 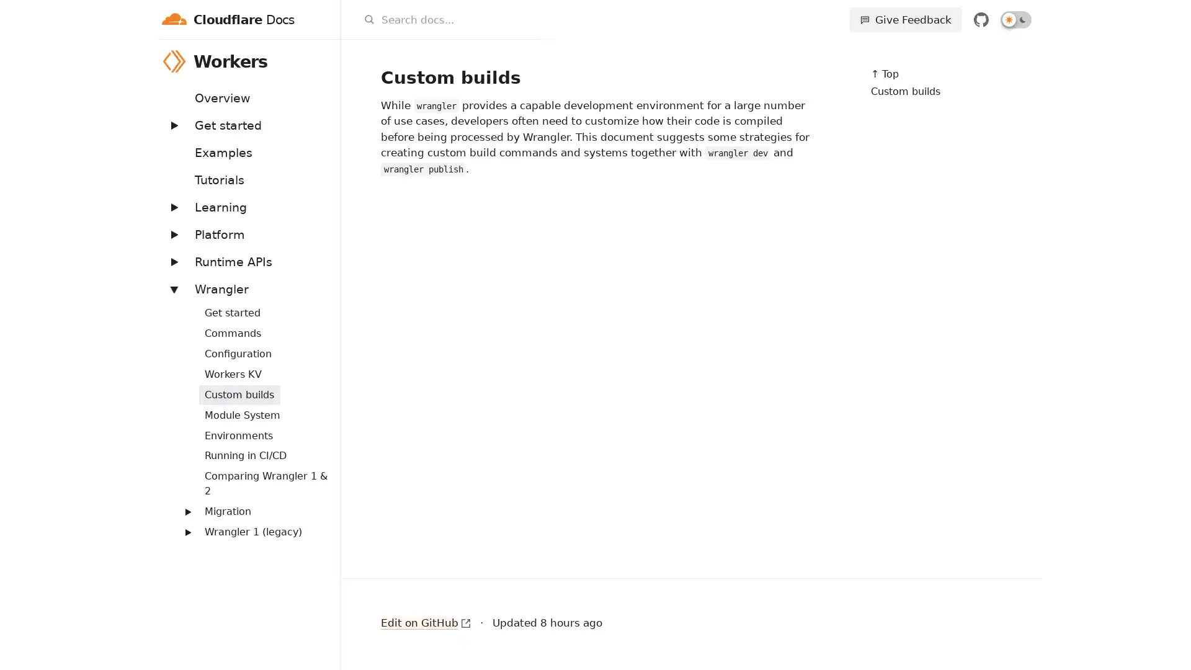 What do you see at coordinates (181, 571) in the screenshot?
I see `Expand: Streams` at bounding box center [181, 571].